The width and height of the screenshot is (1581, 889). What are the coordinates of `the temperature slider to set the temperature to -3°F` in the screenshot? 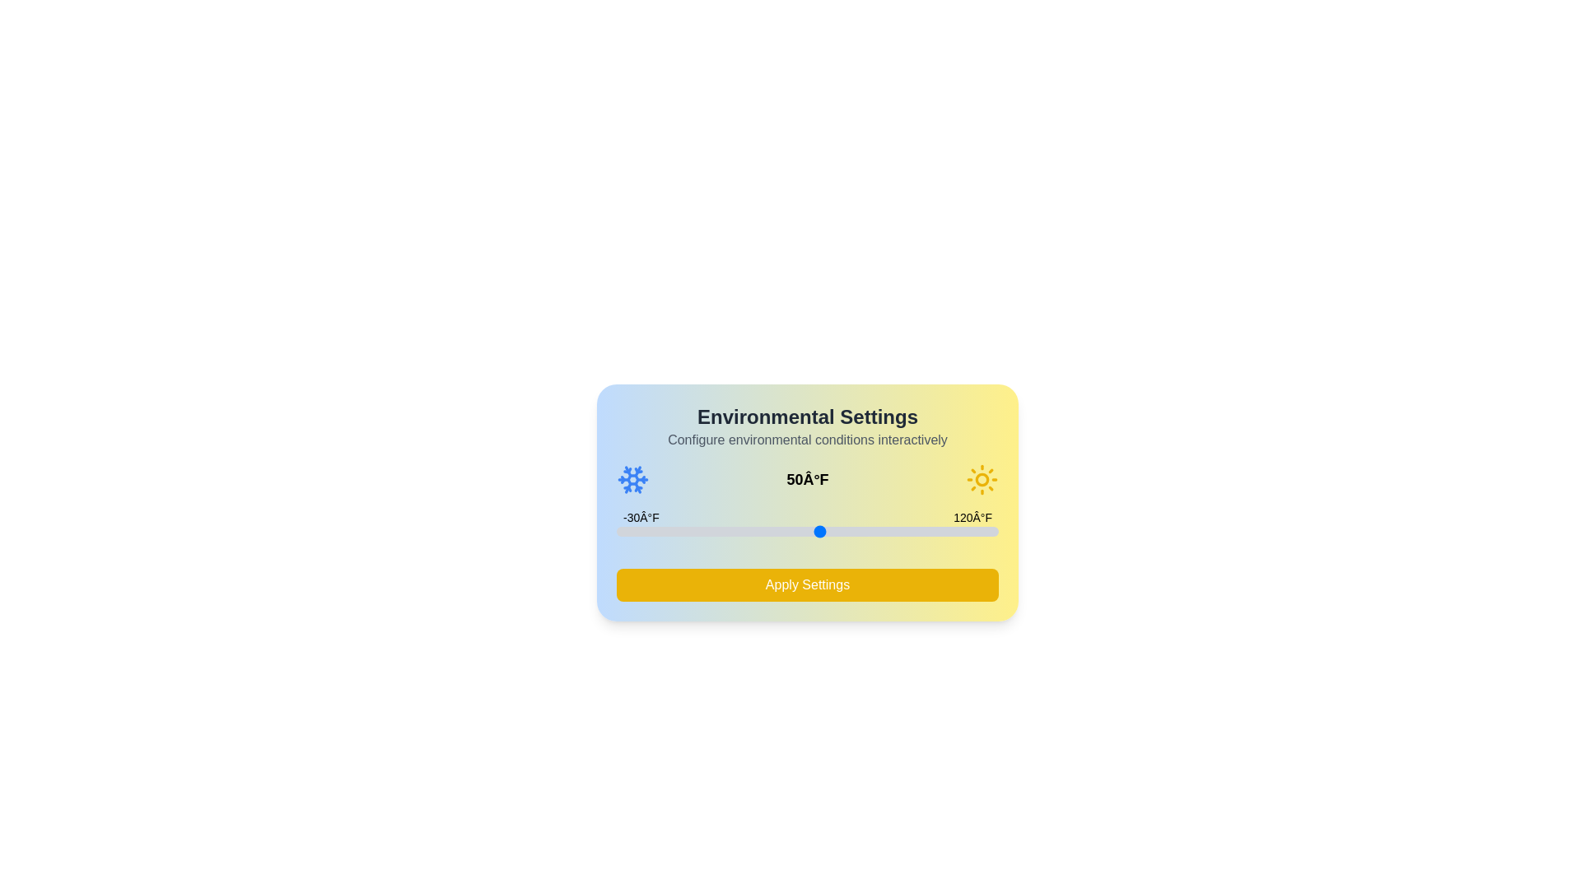 It's located at (685, 531).